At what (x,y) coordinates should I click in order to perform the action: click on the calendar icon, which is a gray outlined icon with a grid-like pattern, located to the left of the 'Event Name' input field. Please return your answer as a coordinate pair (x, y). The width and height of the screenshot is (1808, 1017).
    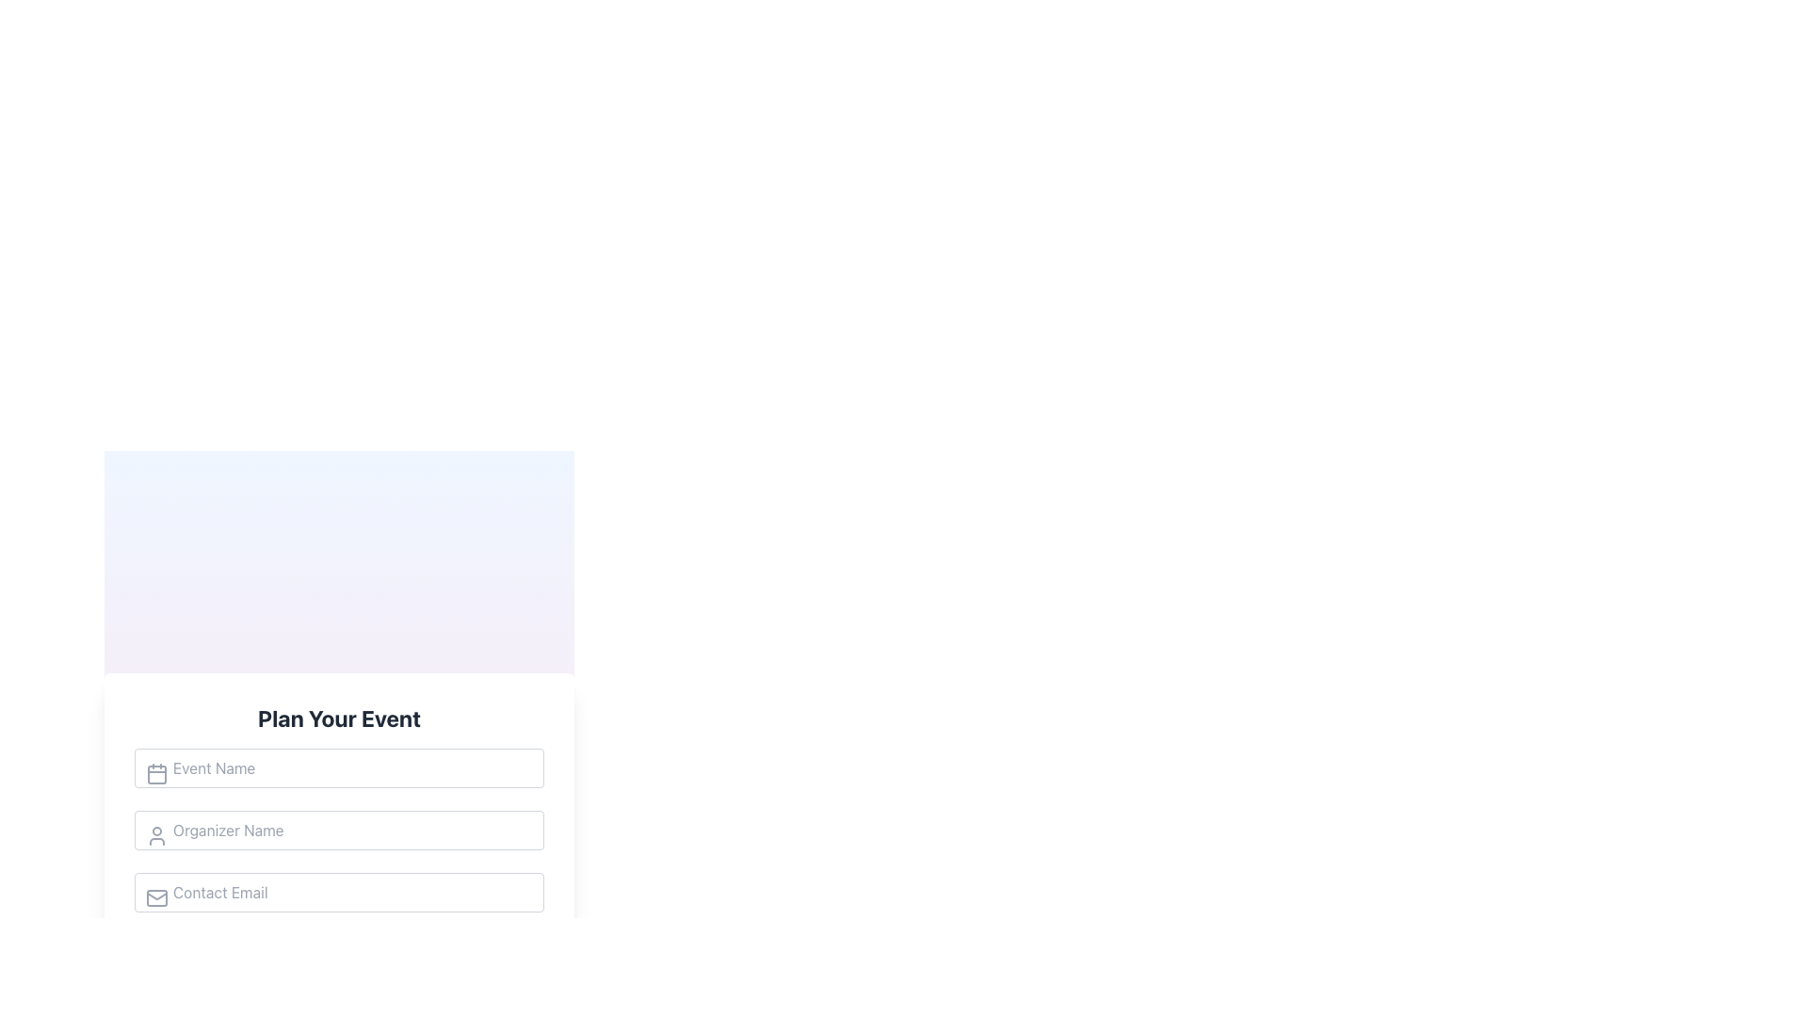
    Looking at the image, I should click on (157, 773).